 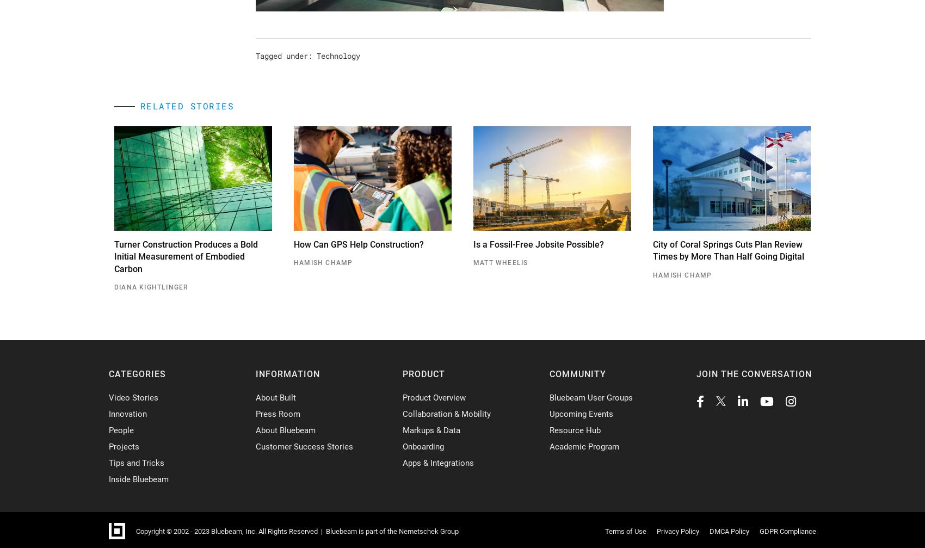 I want to click on 'Inside Bluebeam', so click(x=108, y=479).